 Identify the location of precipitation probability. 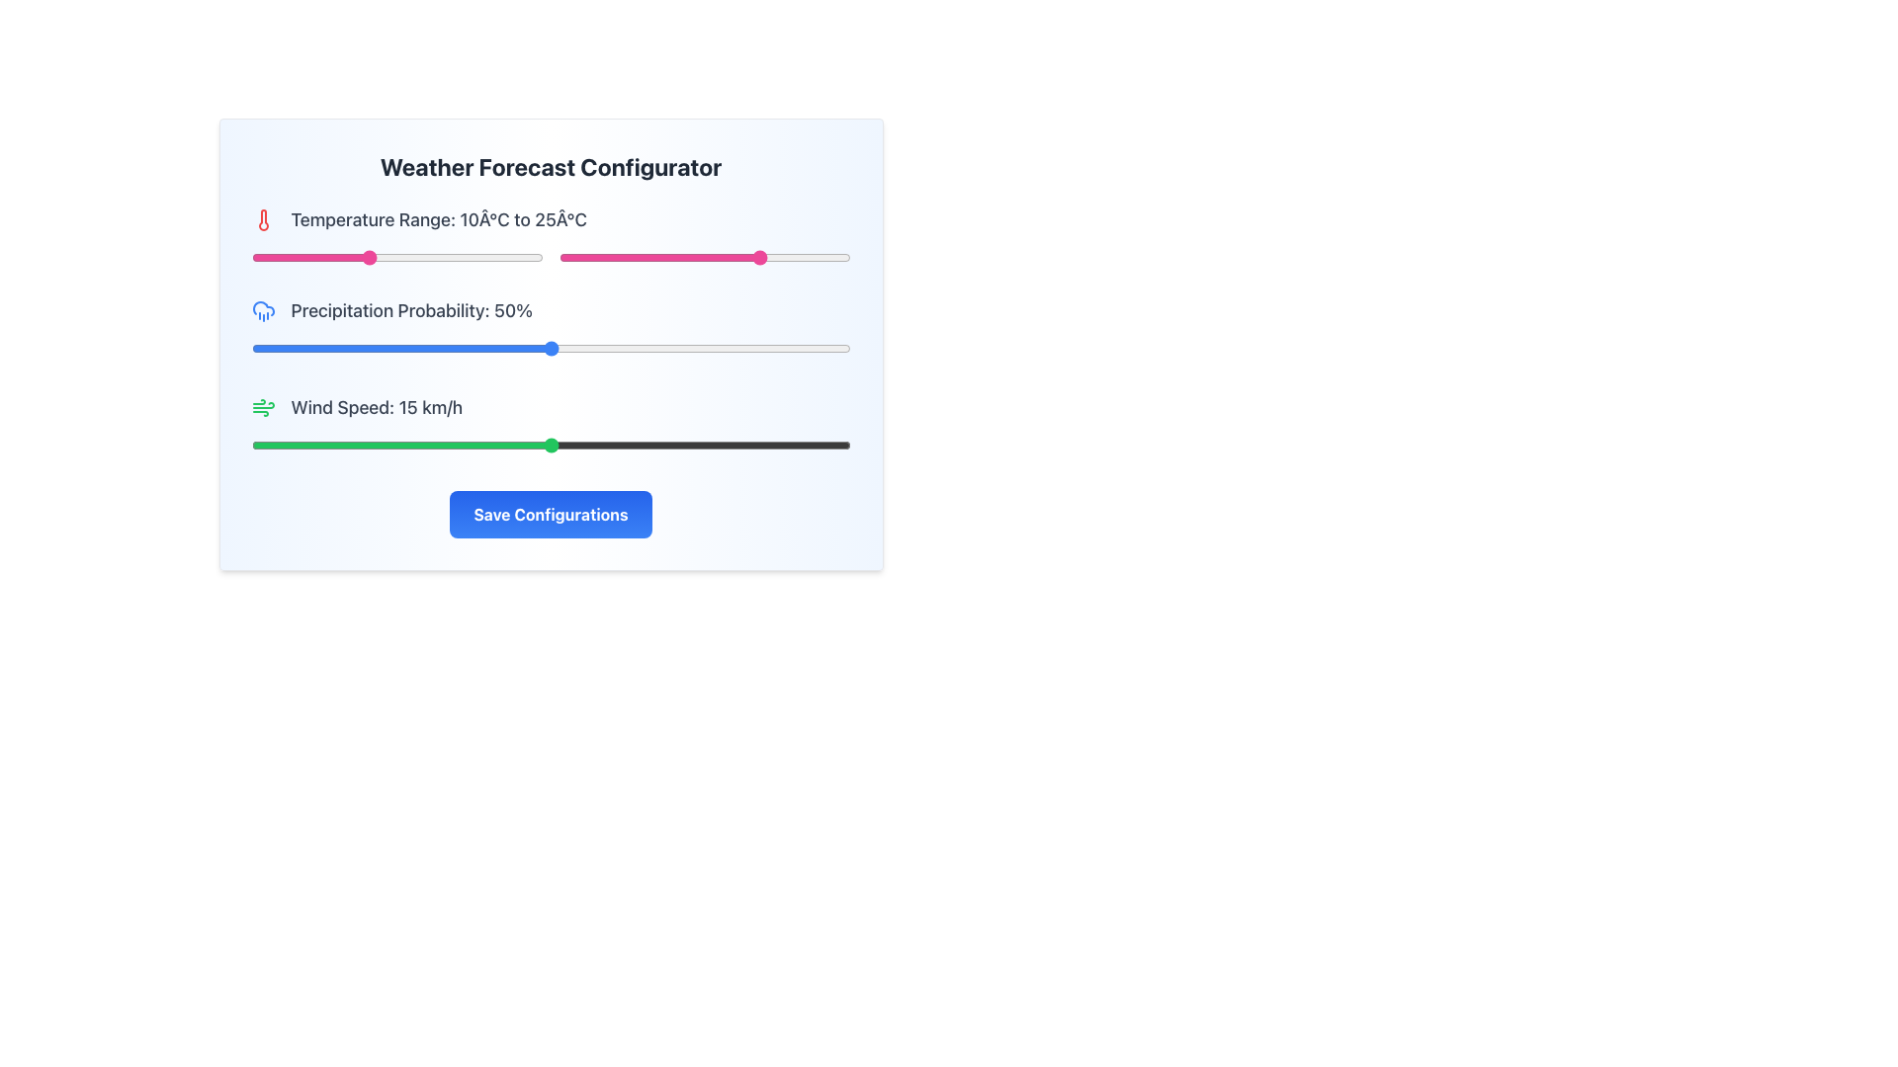
(783, 348).